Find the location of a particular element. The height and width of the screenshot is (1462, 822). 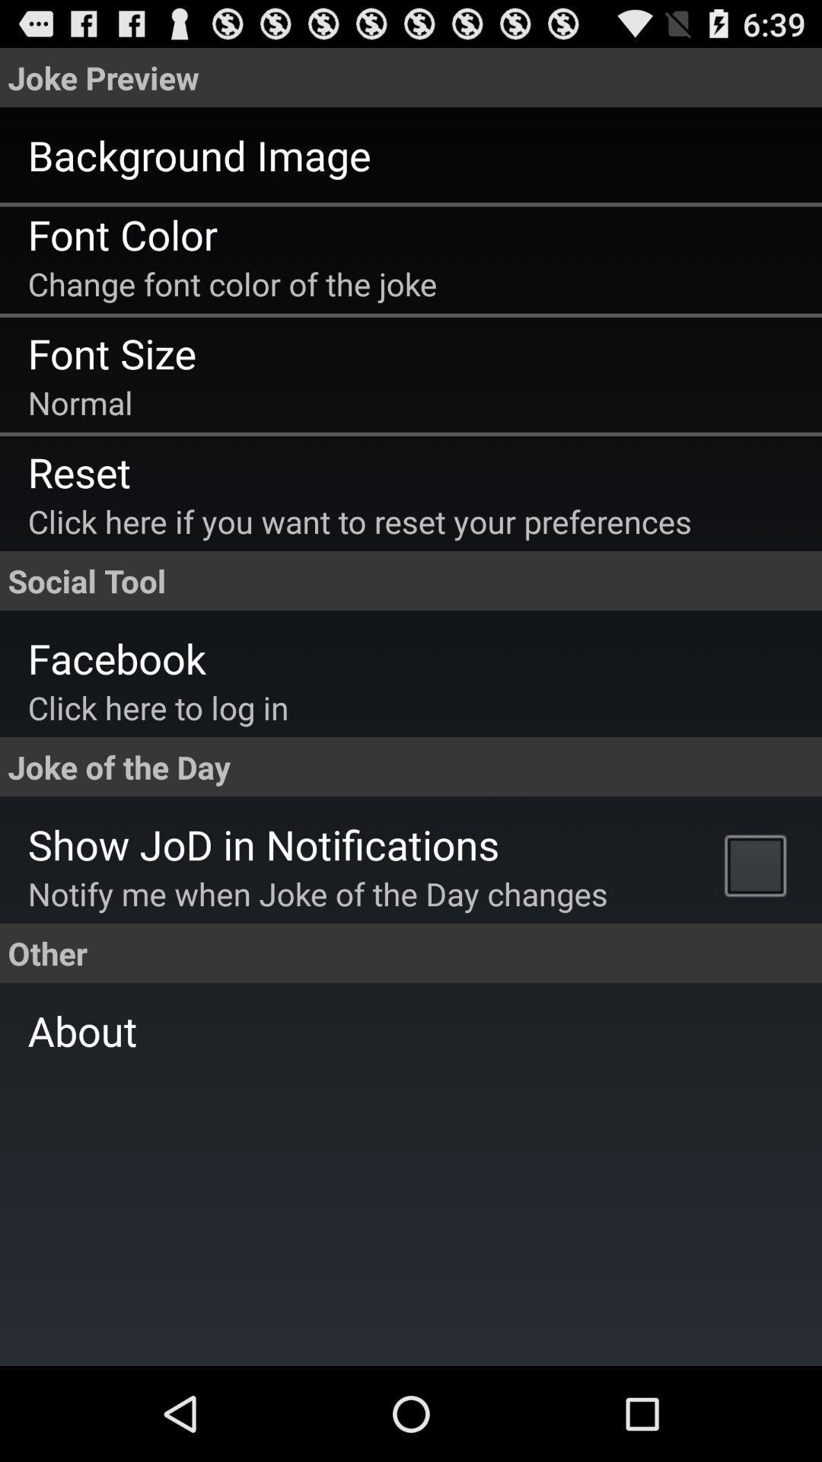

icon above about item is located at coordinates (759, 864).